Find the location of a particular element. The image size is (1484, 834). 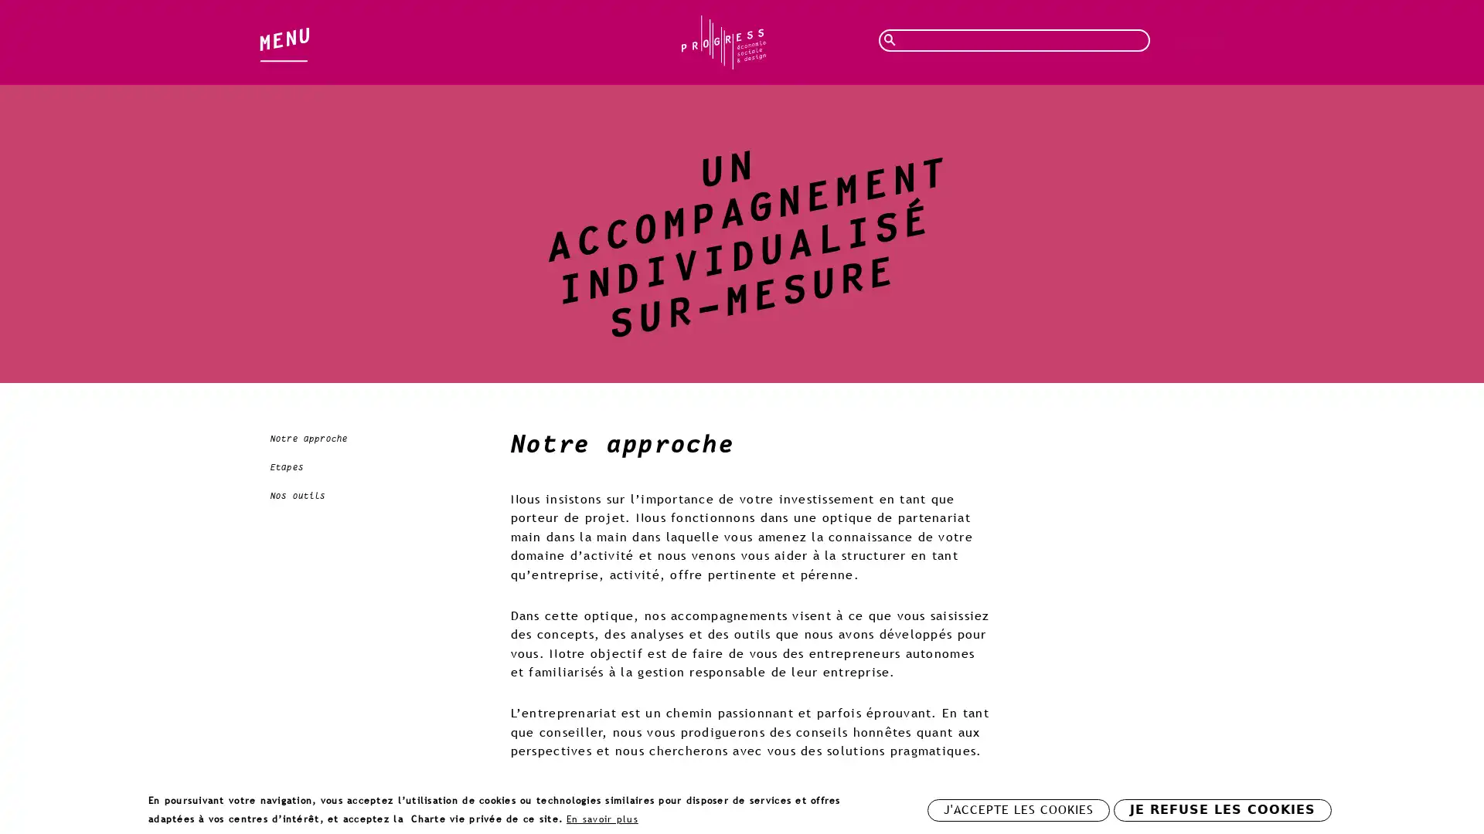

J'ACCEPTE LES COOKIES is located at coordinates (1019, 809).